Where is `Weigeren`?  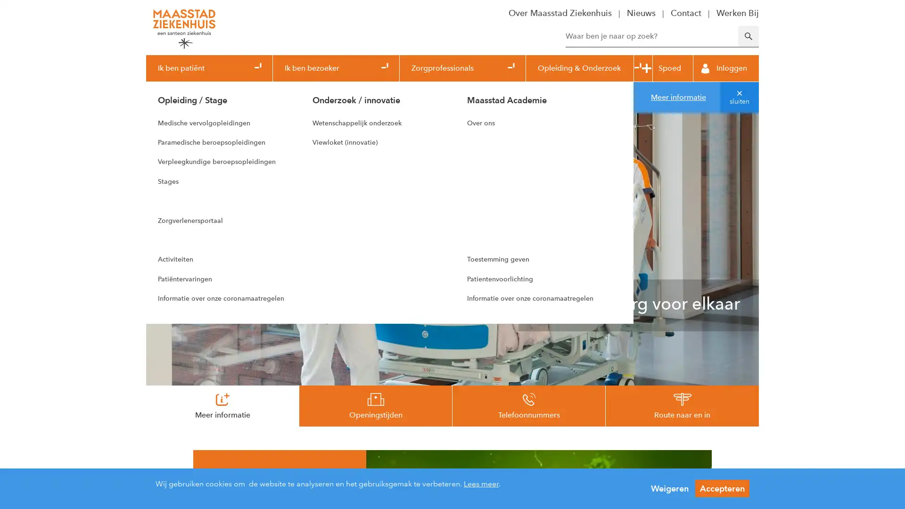
Weigeren is located at coordinates (669, 488).